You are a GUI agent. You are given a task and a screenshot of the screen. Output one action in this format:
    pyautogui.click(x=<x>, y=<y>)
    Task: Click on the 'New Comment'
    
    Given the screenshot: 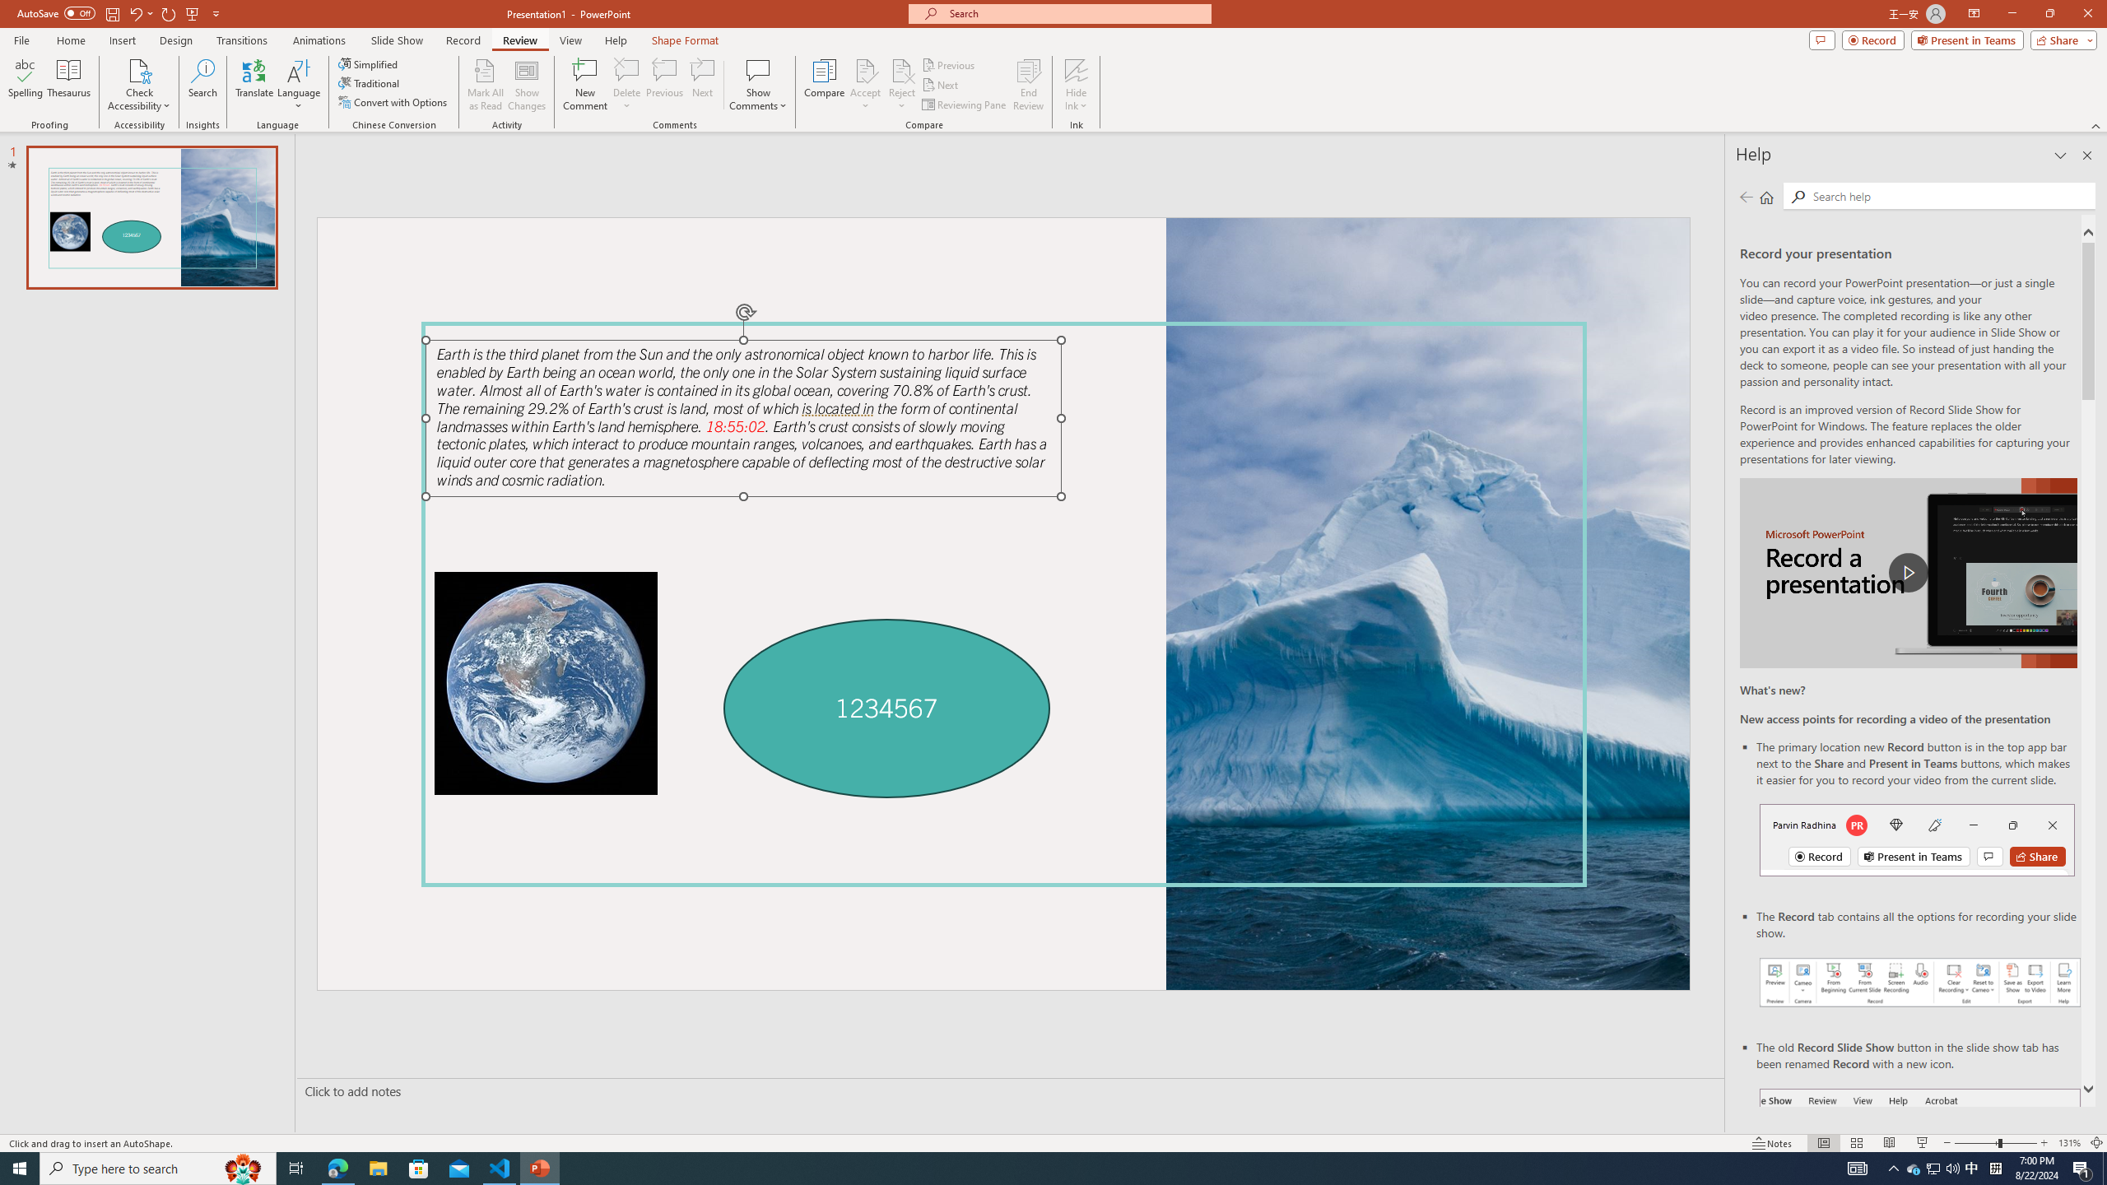 What is the action you would take?
    pyautogui.click(x=584, y=85)
    